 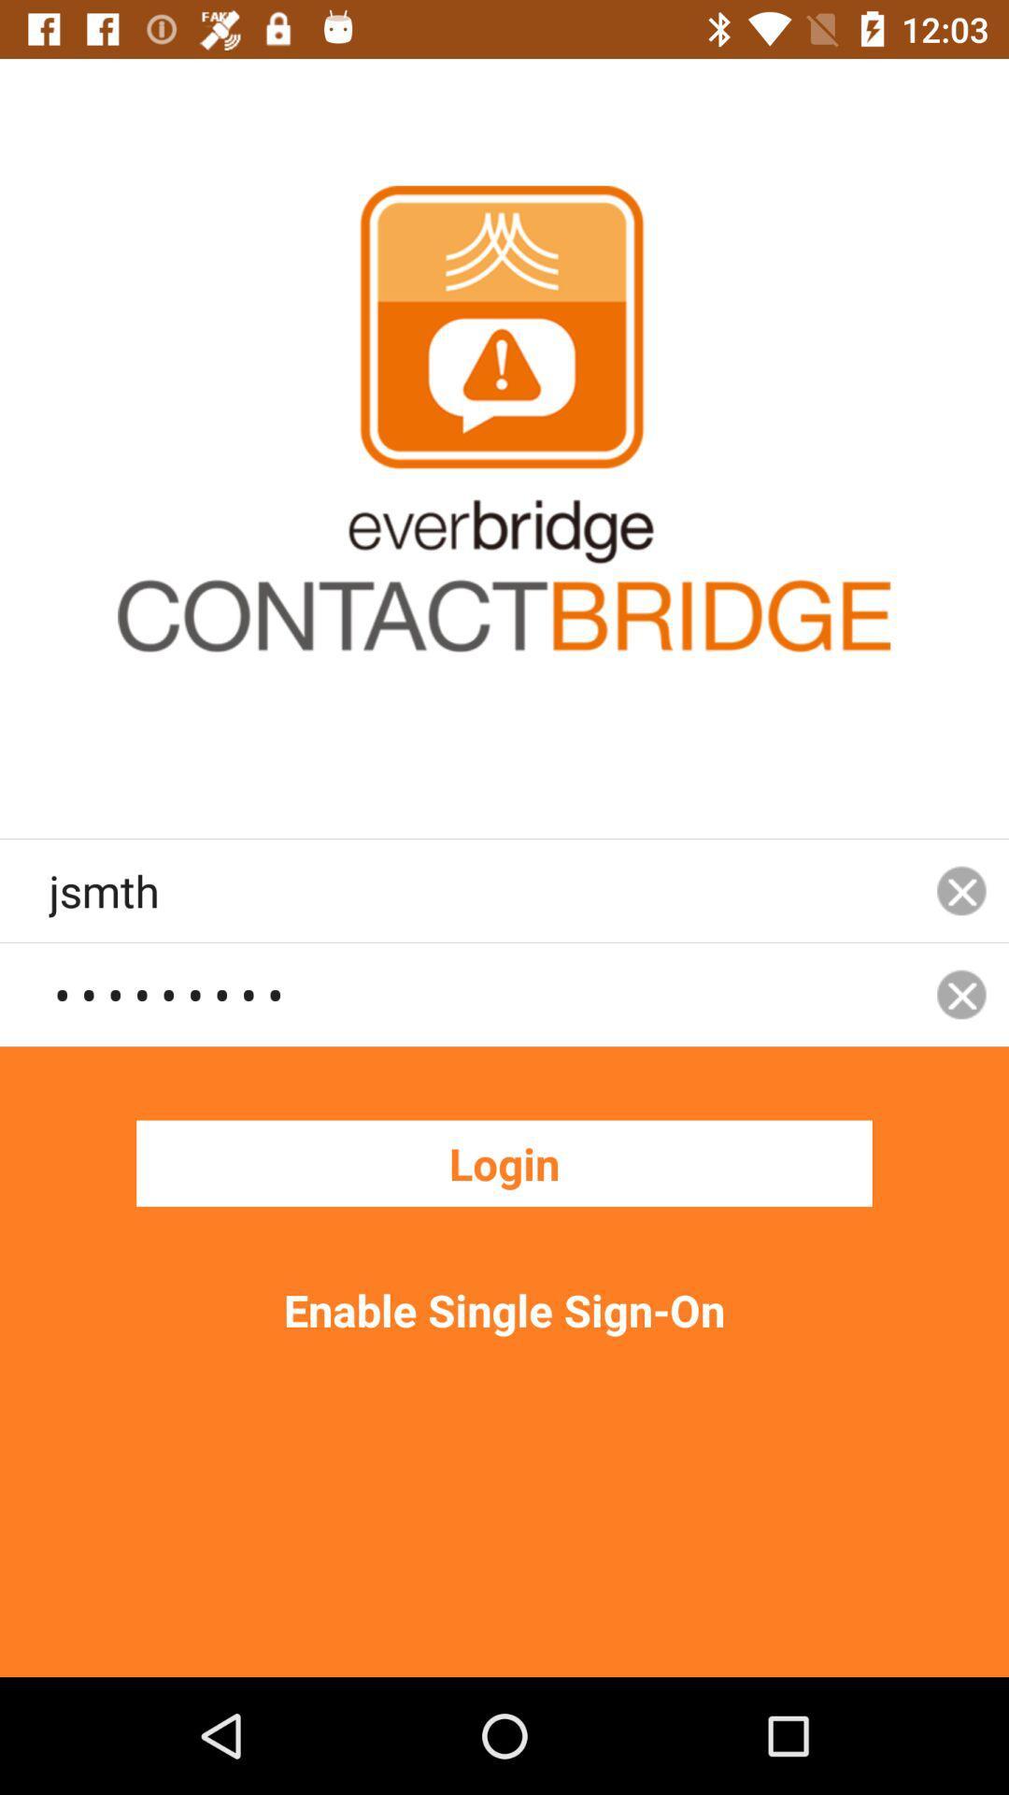 I want to click on the crowd3116, so click(x=480, y=993).